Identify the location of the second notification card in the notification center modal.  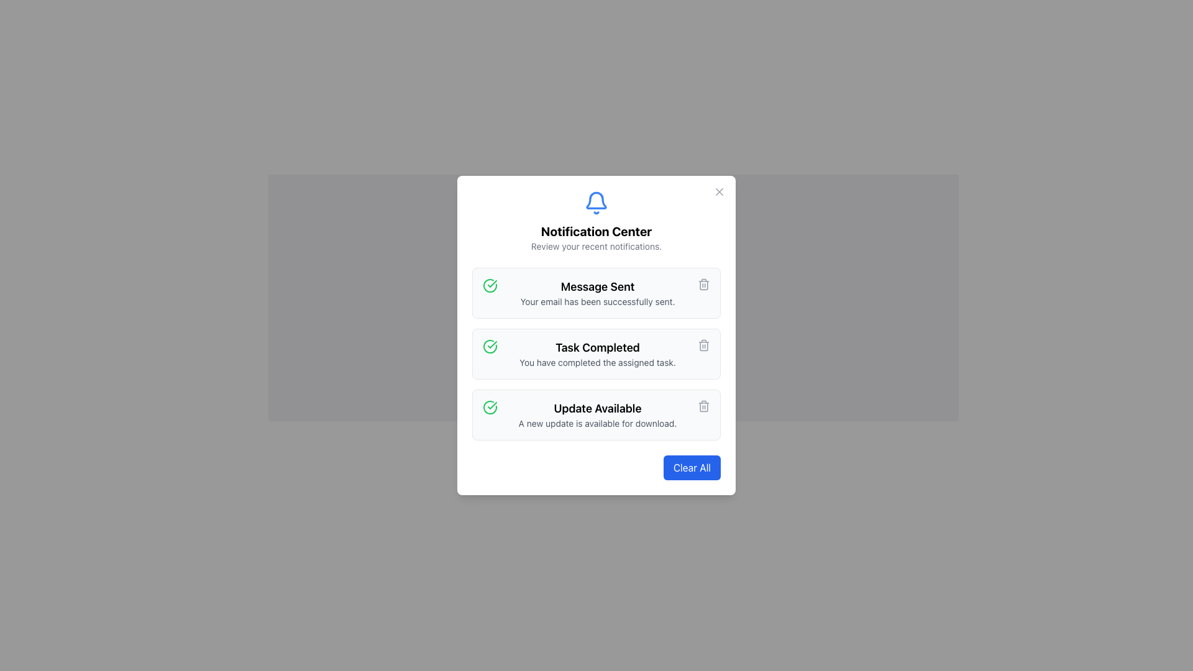
(596, 354).